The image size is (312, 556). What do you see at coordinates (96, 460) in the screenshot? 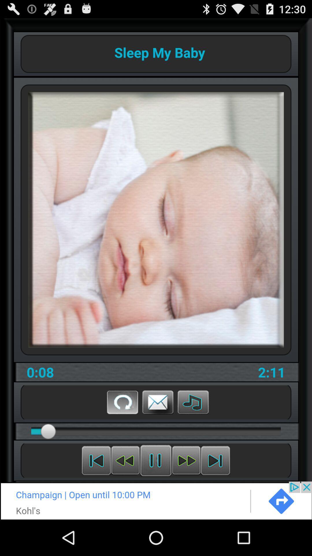
I see `the beginning` at bounding box center [96, 460].